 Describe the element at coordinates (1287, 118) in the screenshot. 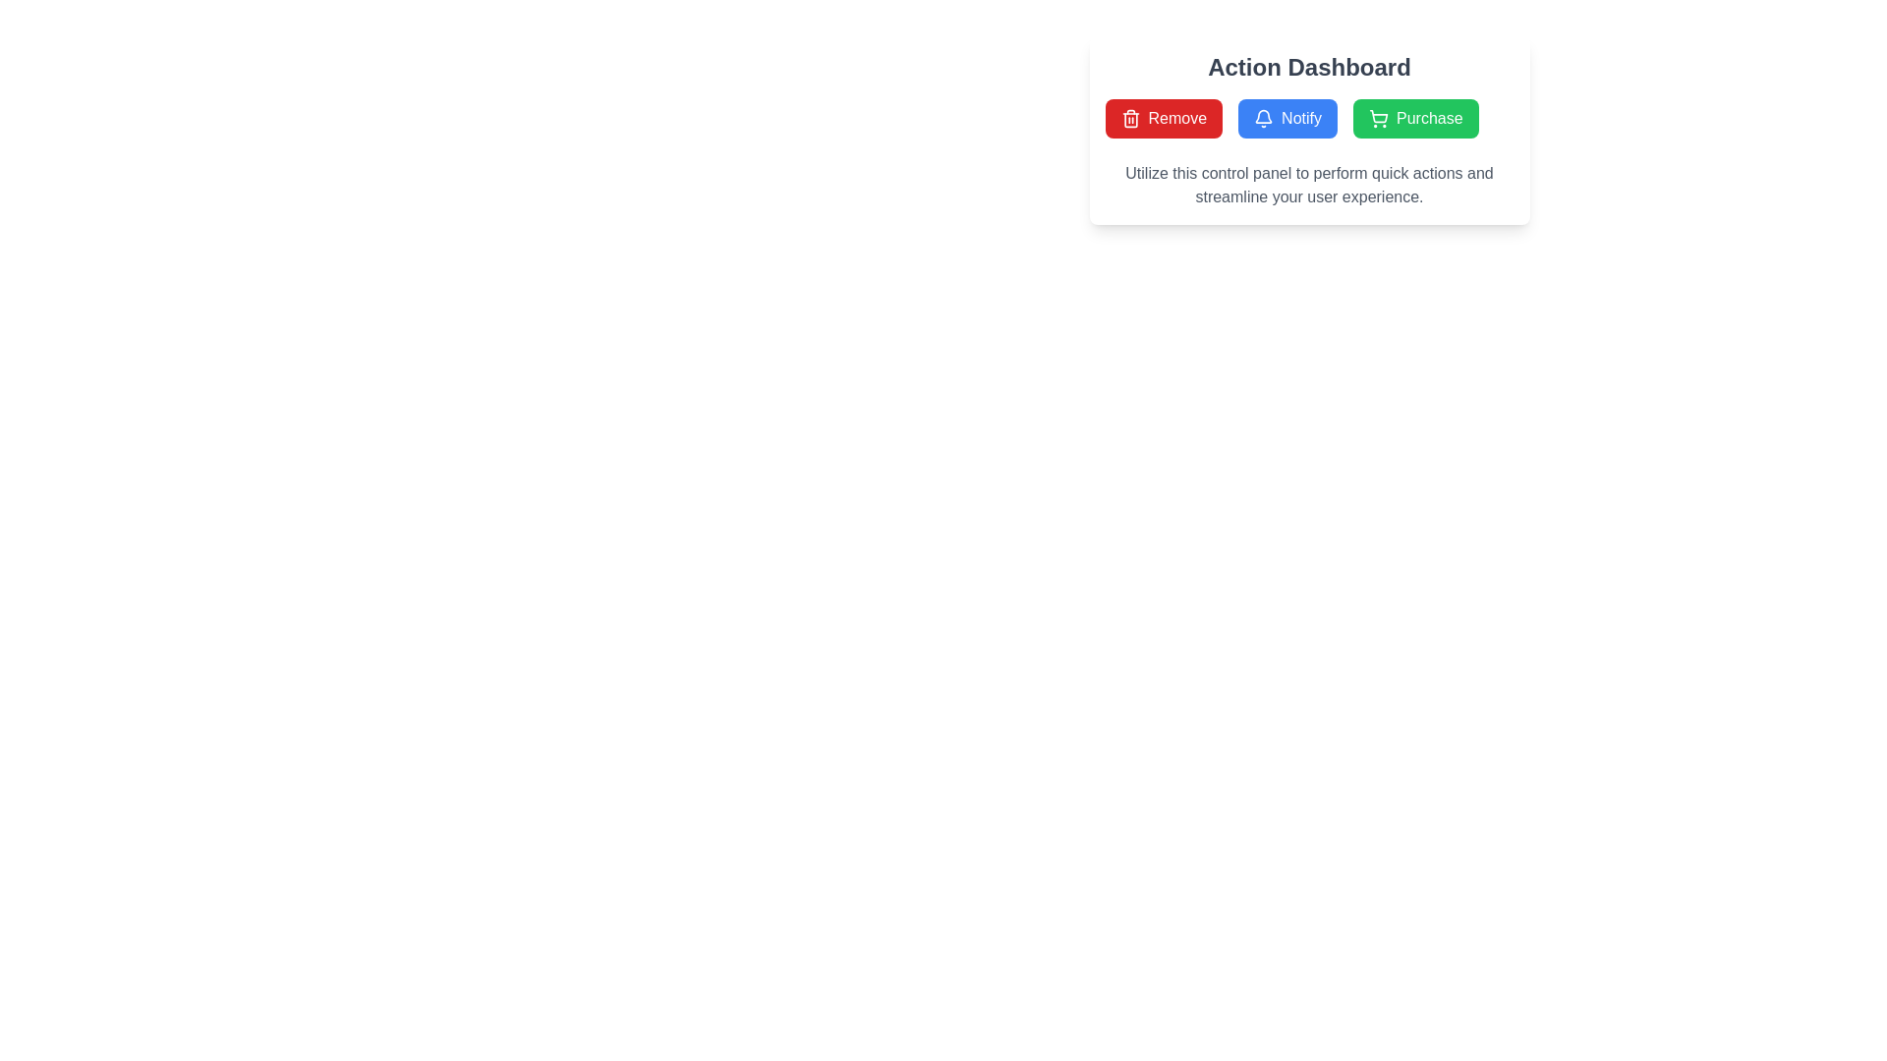

I see `the second button from the left in the 'Action Dashboard' section to initiate a notification` at that location.